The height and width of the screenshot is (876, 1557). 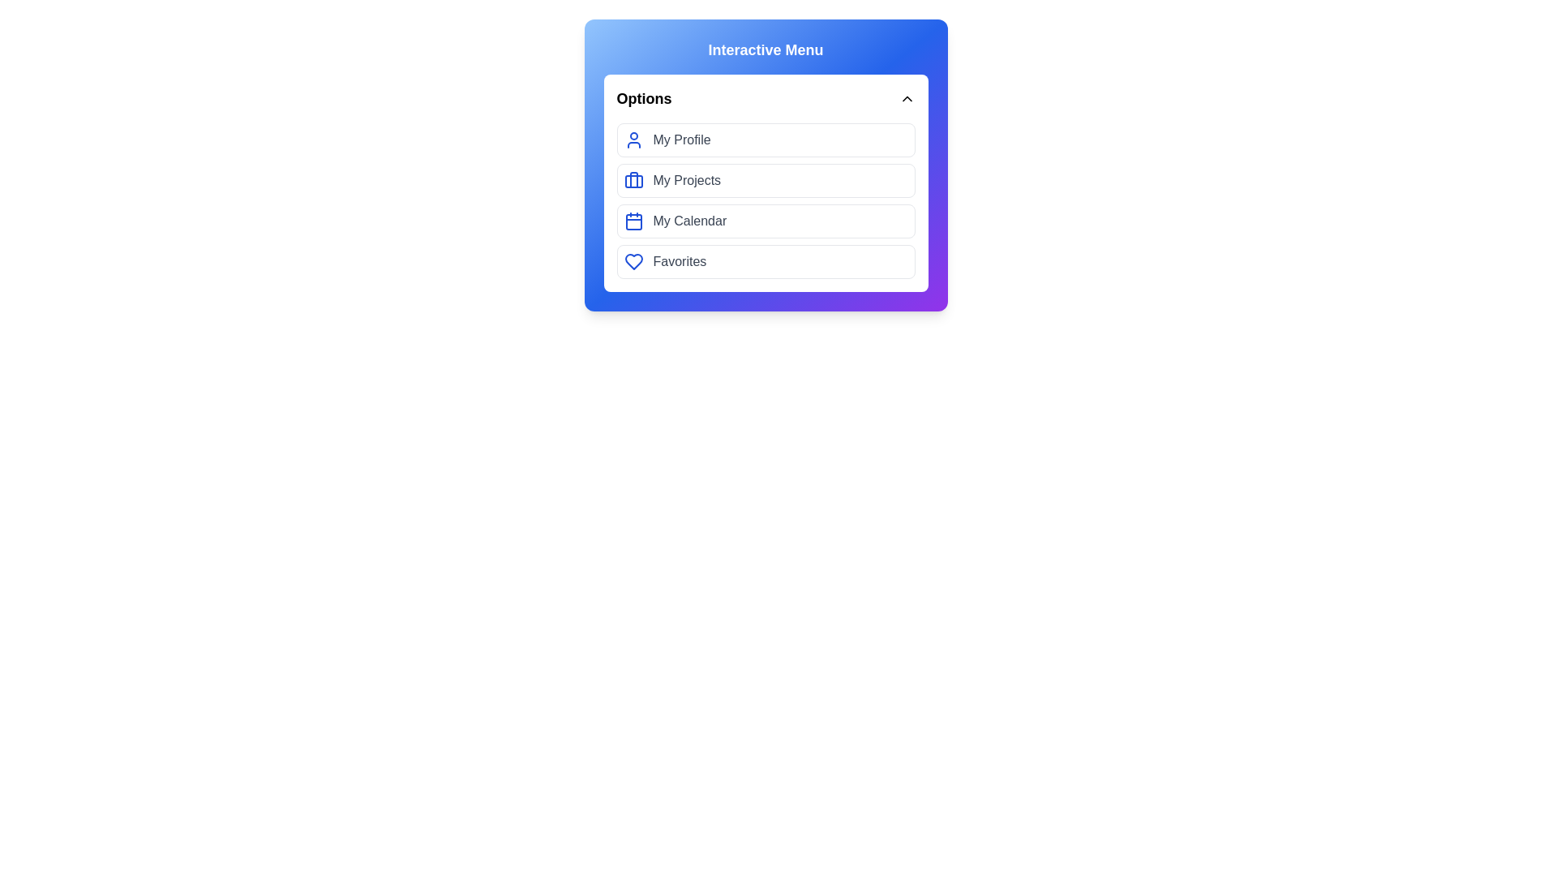 What do you see at coordinates (633, 221) in the screenshot?
I see `the 'My Calendar' icon located to the left of the 'My Calendar' text in the interactive menu` at bounding box center [633, 221].